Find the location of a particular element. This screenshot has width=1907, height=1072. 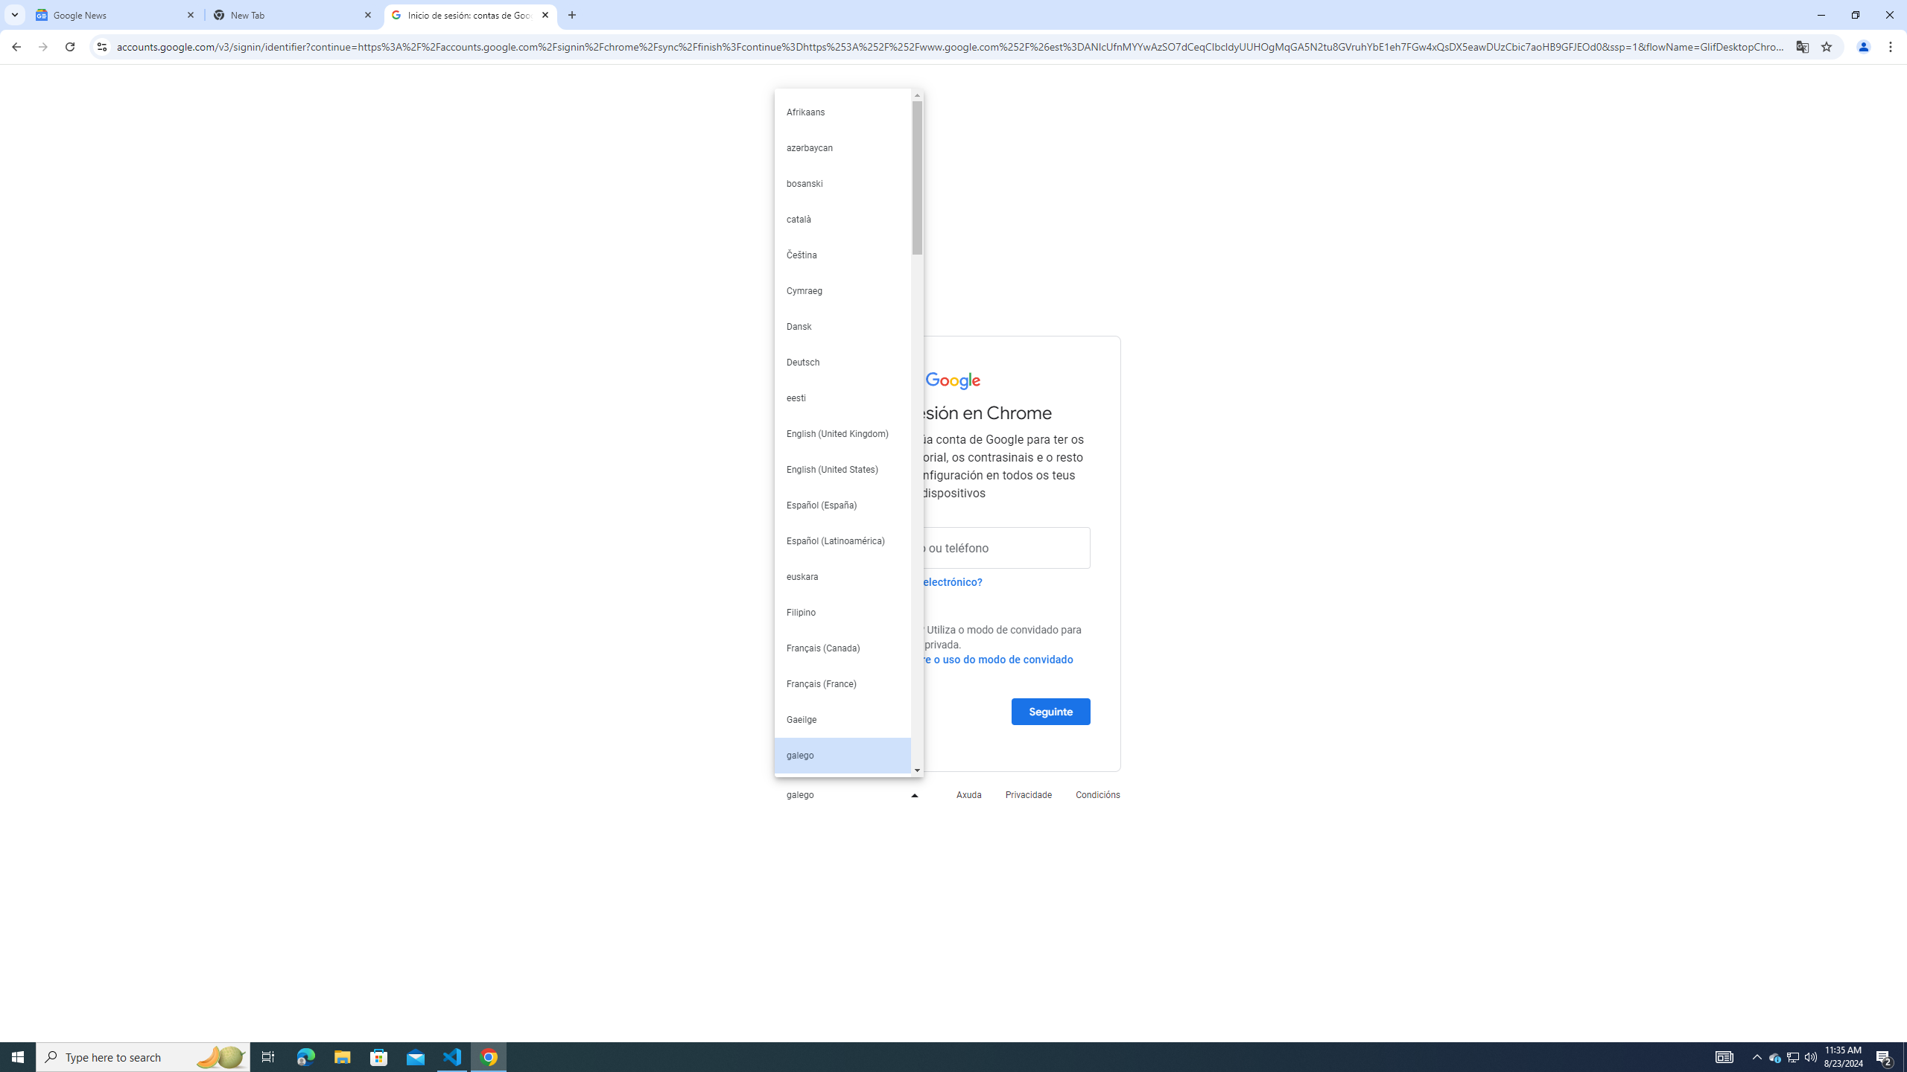

'Deutsch' is located at coordinates (842, 362).